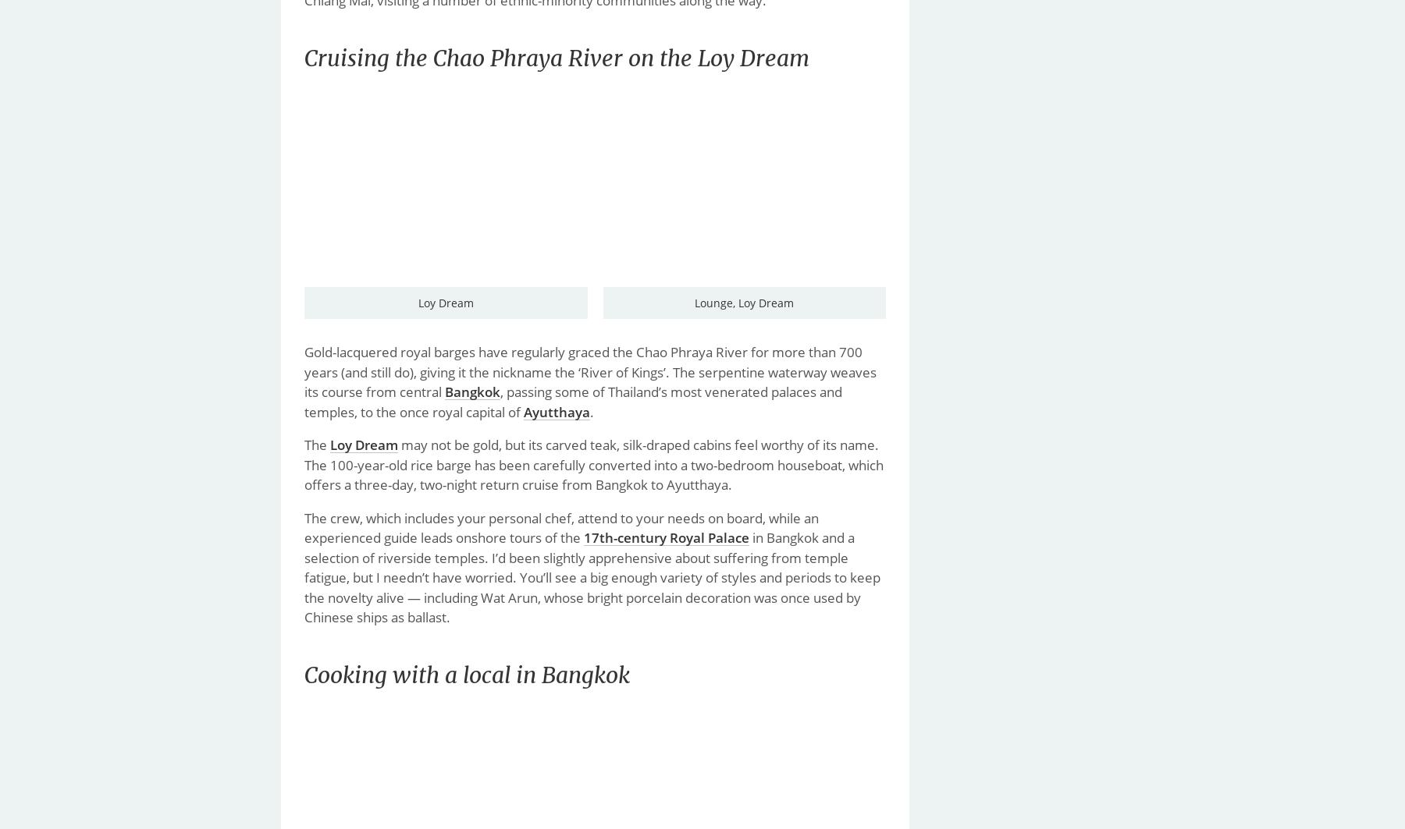 The image size is (1405, 829). Describe the element at coordinates (591, 411) in the screenshot. I see `'.'` at that location.